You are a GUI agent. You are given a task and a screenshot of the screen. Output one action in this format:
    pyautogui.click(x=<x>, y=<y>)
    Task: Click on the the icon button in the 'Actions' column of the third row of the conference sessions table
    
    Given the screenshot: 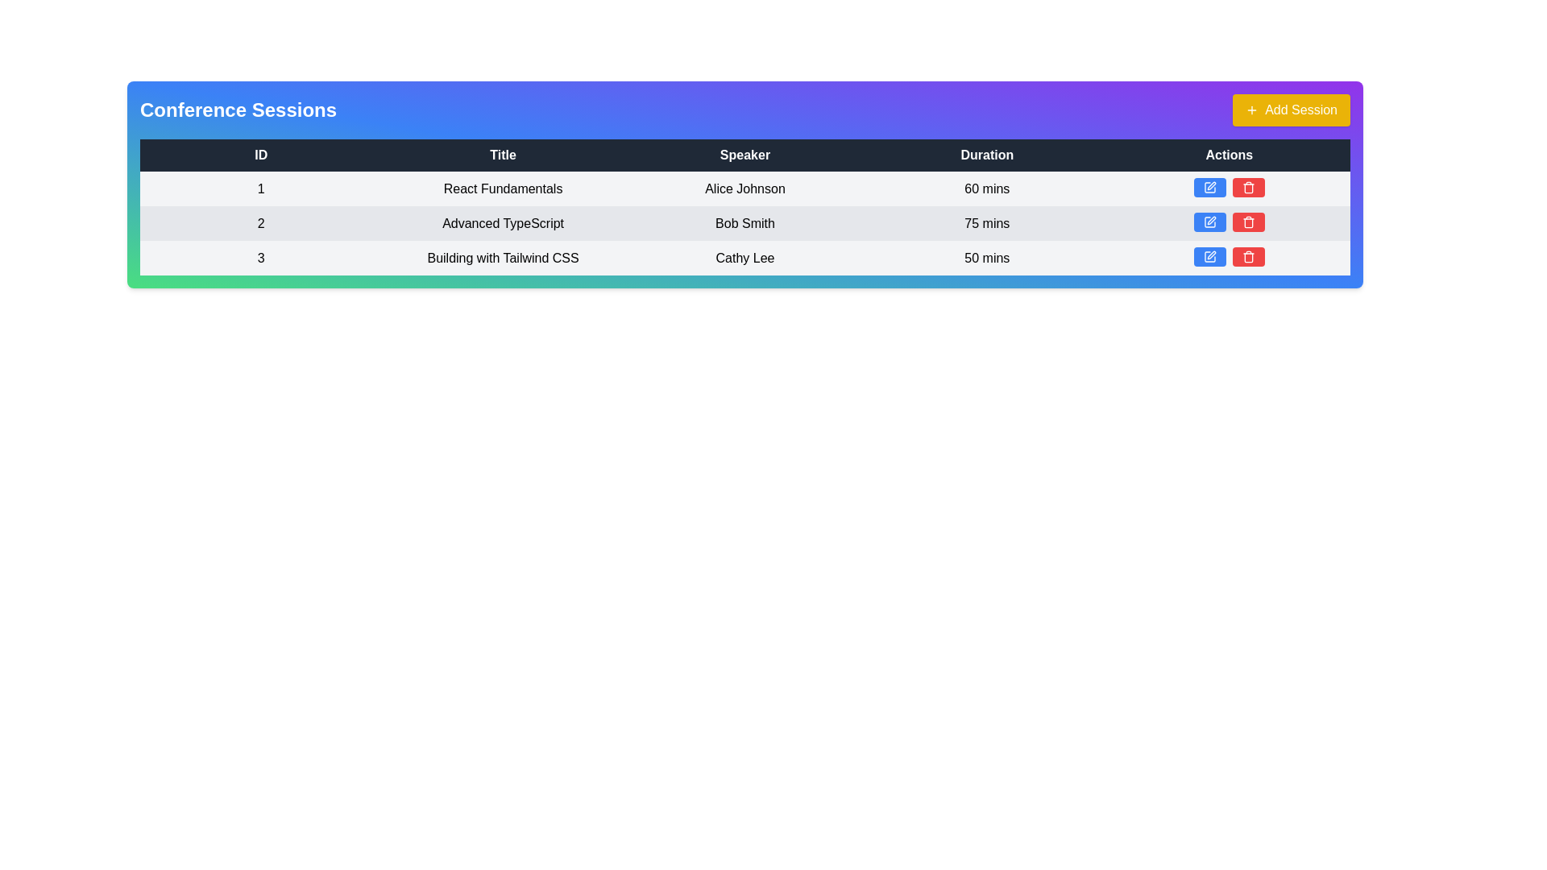 What is the action you would take?
    pyautogui.click(x=1211, y=254)
    